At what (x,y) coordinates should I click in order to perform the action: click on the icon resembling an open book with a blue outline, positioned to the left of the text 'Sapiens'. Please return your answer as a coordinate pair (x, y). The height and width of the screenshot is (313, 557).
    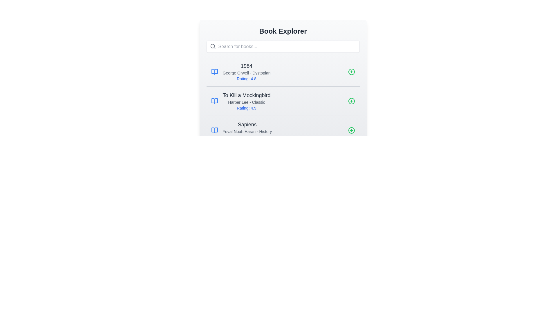
    Looking at the image, I should click on (214, 130).